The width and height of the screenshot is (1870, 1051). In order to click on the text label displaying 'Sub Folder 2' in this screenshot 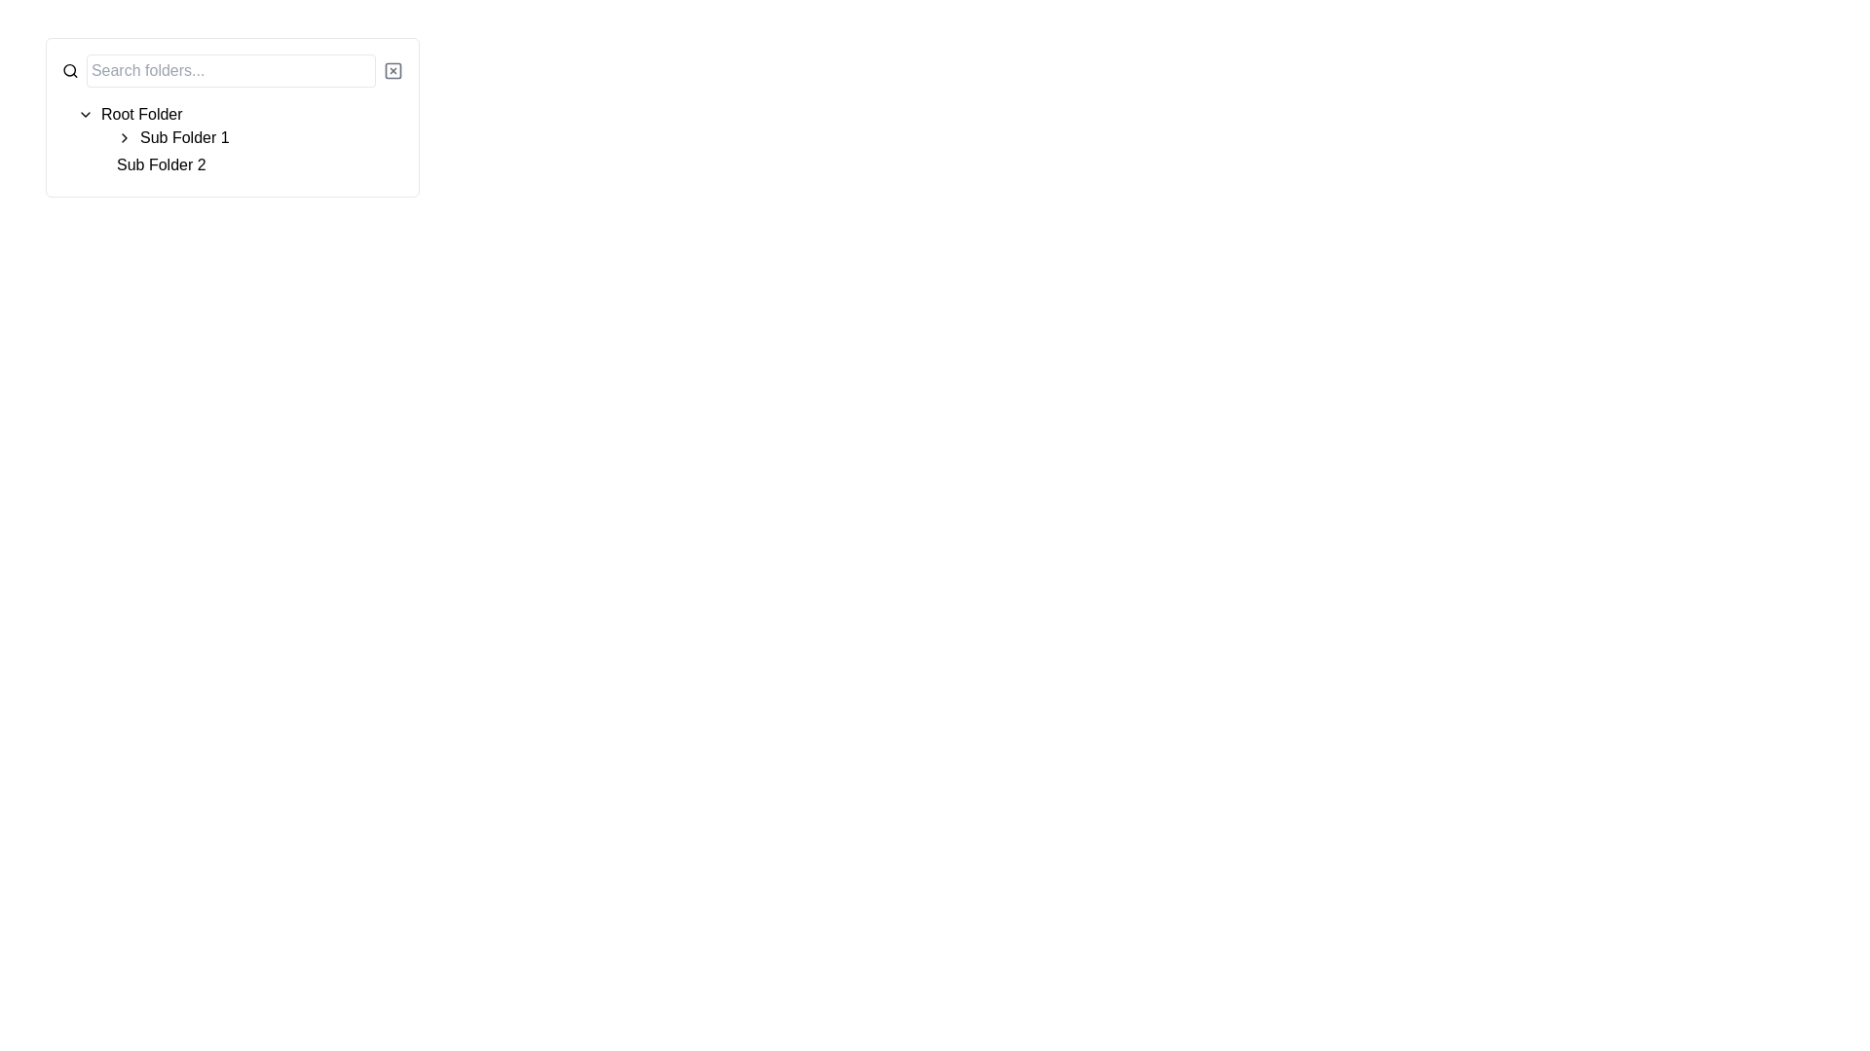, I will do `click(161, 163)`.